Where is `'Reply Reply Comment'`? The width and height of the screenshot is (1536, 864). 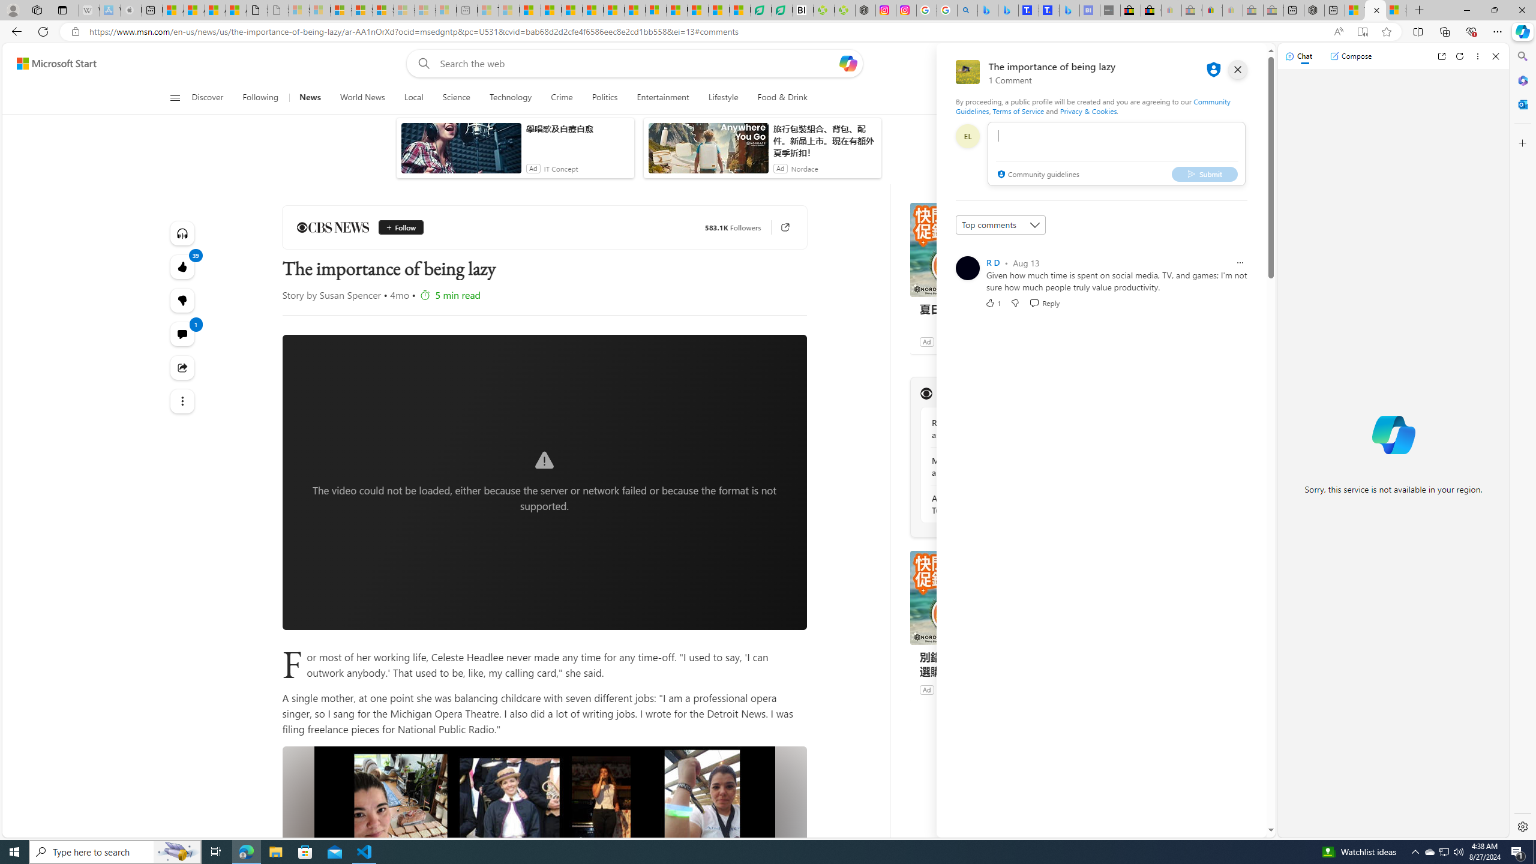
'Reply Reply Comment' is located at coordinates (1044, 302).